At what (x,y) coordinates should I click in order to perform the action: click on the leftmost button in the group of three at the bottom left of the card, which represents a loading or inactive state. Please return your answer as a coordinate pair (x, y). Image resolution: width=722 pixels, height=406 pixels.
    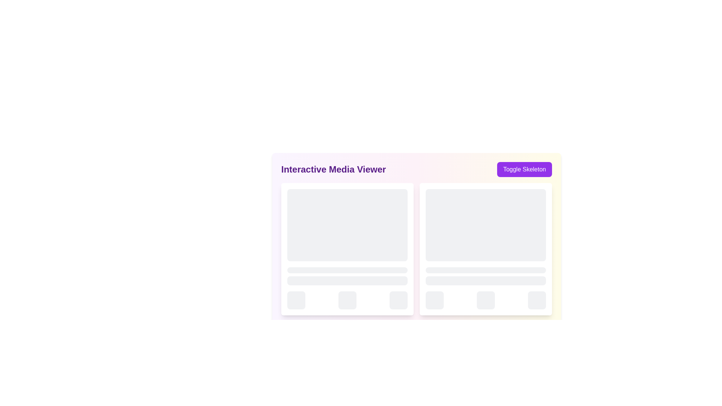
    Looking at the image, I should click on (296, 300).